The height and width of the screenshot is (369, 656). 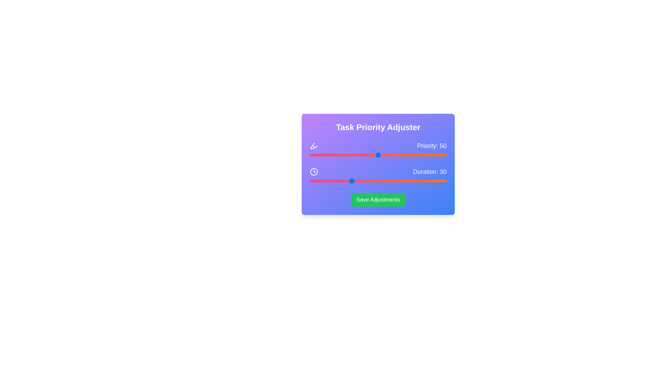 What do you see at coordinates (330, 155) in the screenshot?
I see `the priority slider to set its value to 15` at bounding box center [330, 155].